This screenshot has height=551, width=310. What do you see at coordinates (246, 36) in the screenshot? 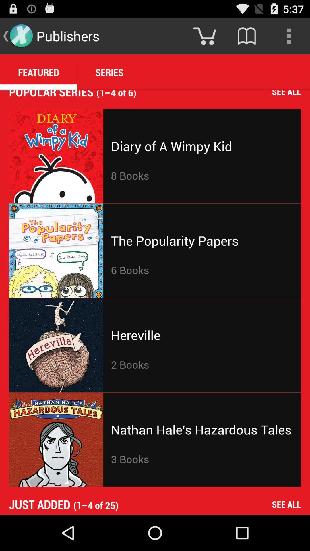
I see `icon above 1 4 of icon` at bounding box center [246, 36].